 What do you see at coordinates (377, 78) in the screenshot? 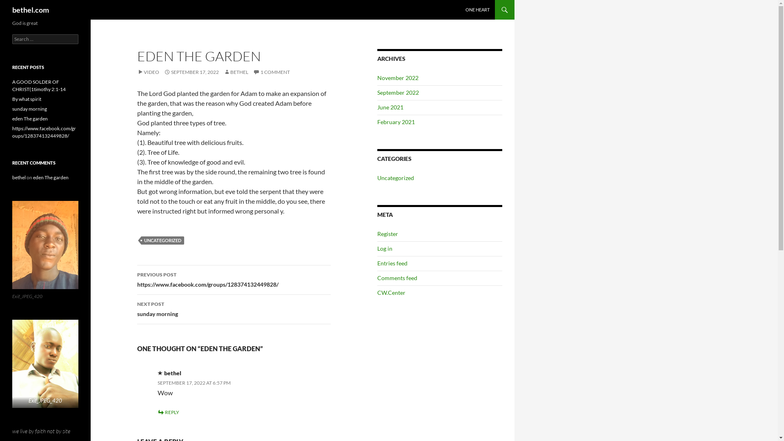
I see `'November 2022'` at bounding box center [377, 78].